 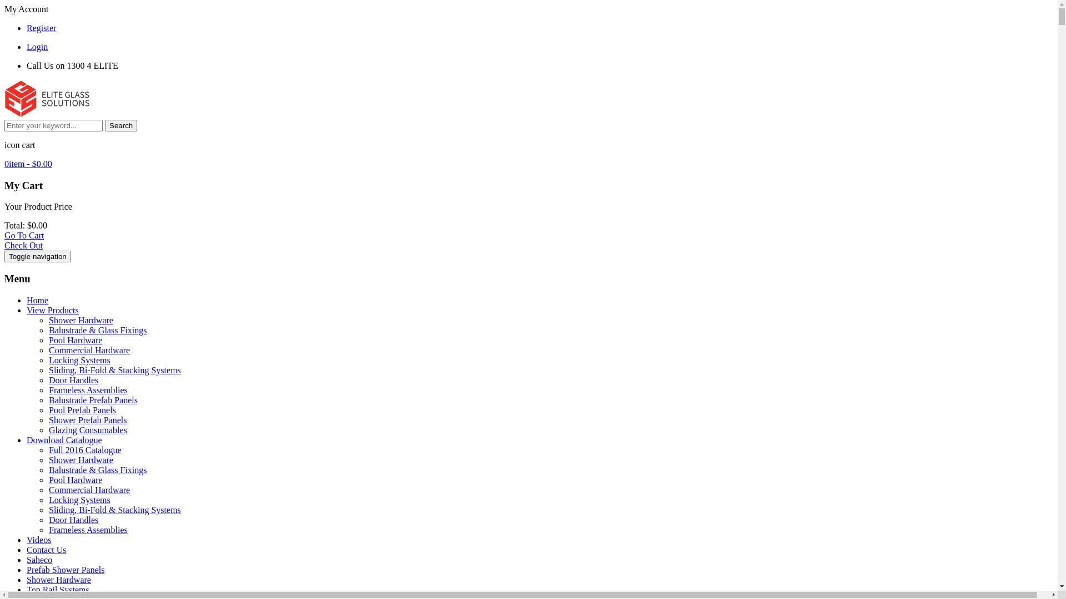 What do you see at coordinates (63, 439) in the screenshot?
I see `'Download Catalogue'` at bounding box center [63, 439].